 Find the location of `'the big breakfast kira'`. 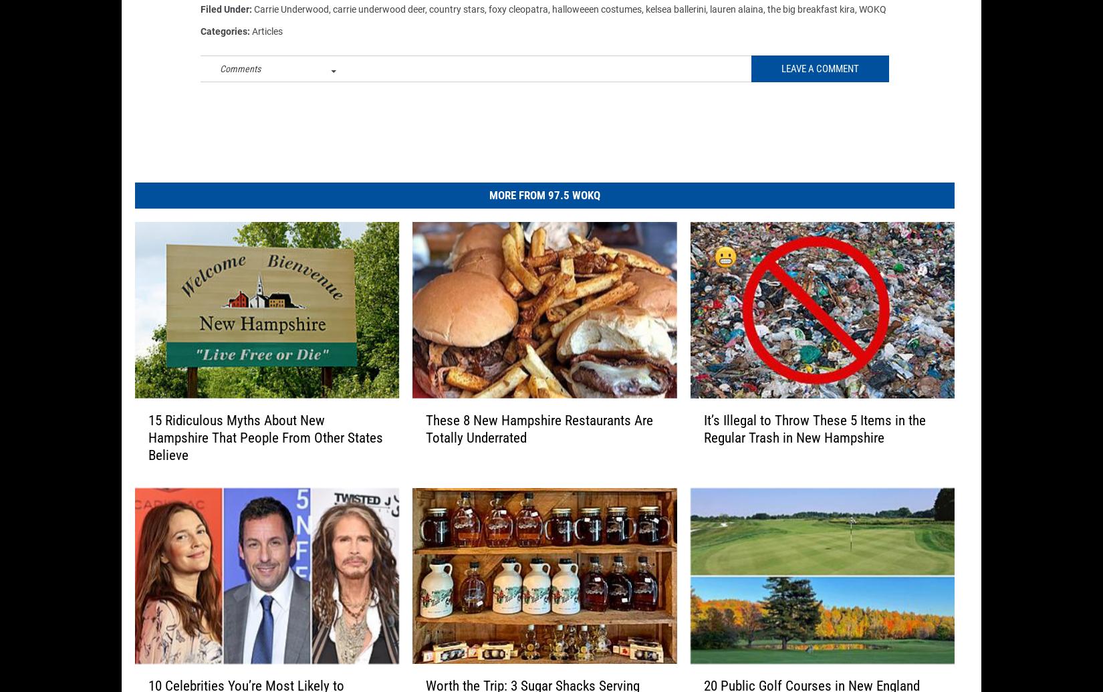

'the big breakfast kira' is located at coordinates (811, 18).